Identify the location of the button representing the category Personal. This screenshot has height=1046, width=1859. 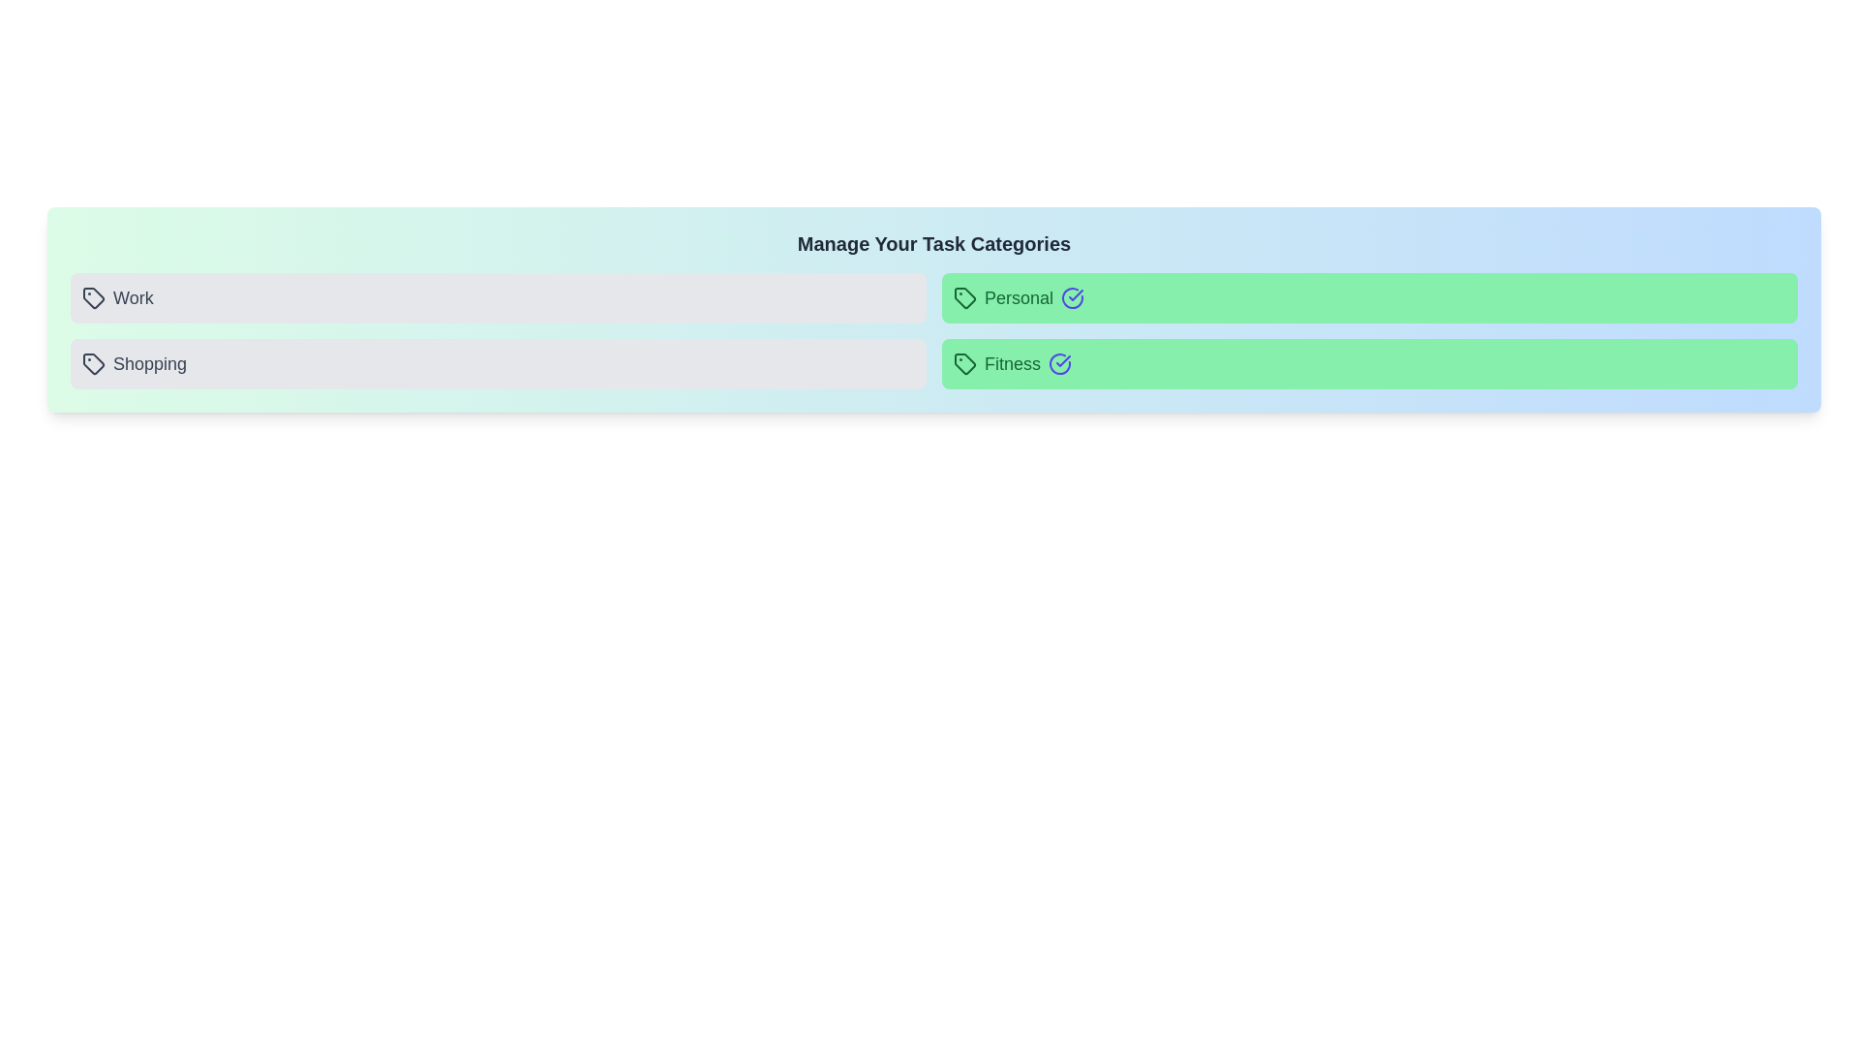
(1369, 298).